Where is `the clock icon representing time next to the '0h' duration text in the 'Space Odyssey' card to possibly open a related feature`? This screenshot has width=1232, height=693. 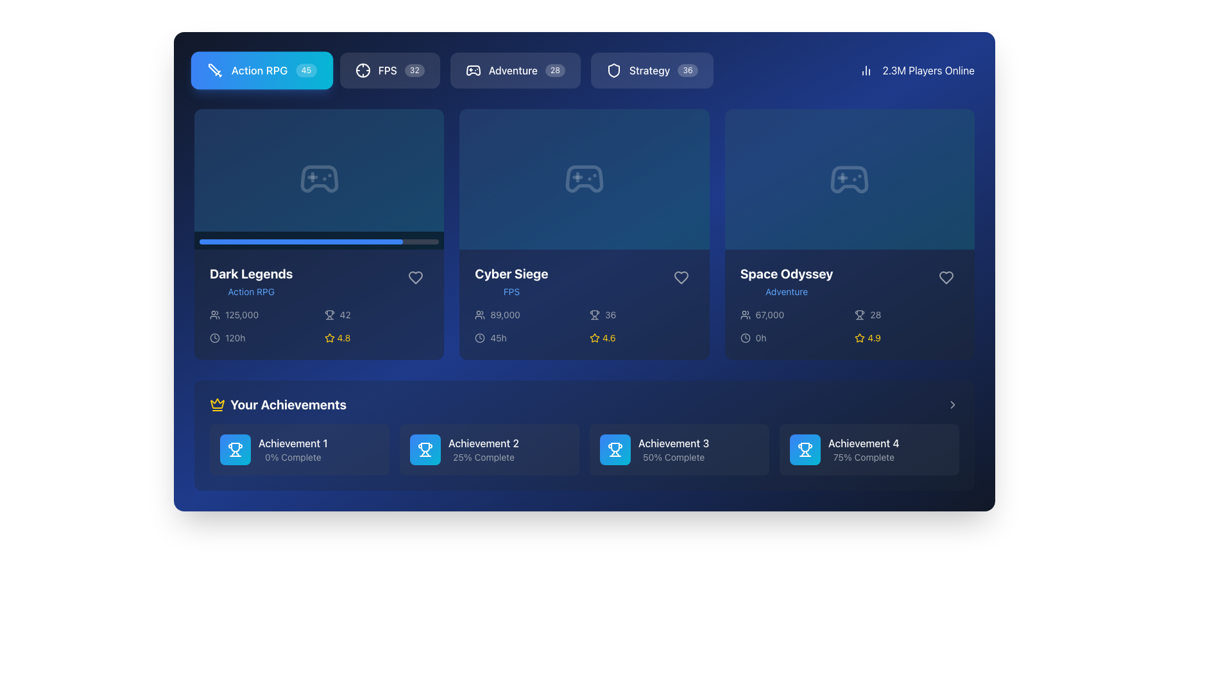
the clock icon representing time next to the '0h' duration text in the 'Space Odyssey' card to possibly open a related feature is located at coordinates (745, 338).